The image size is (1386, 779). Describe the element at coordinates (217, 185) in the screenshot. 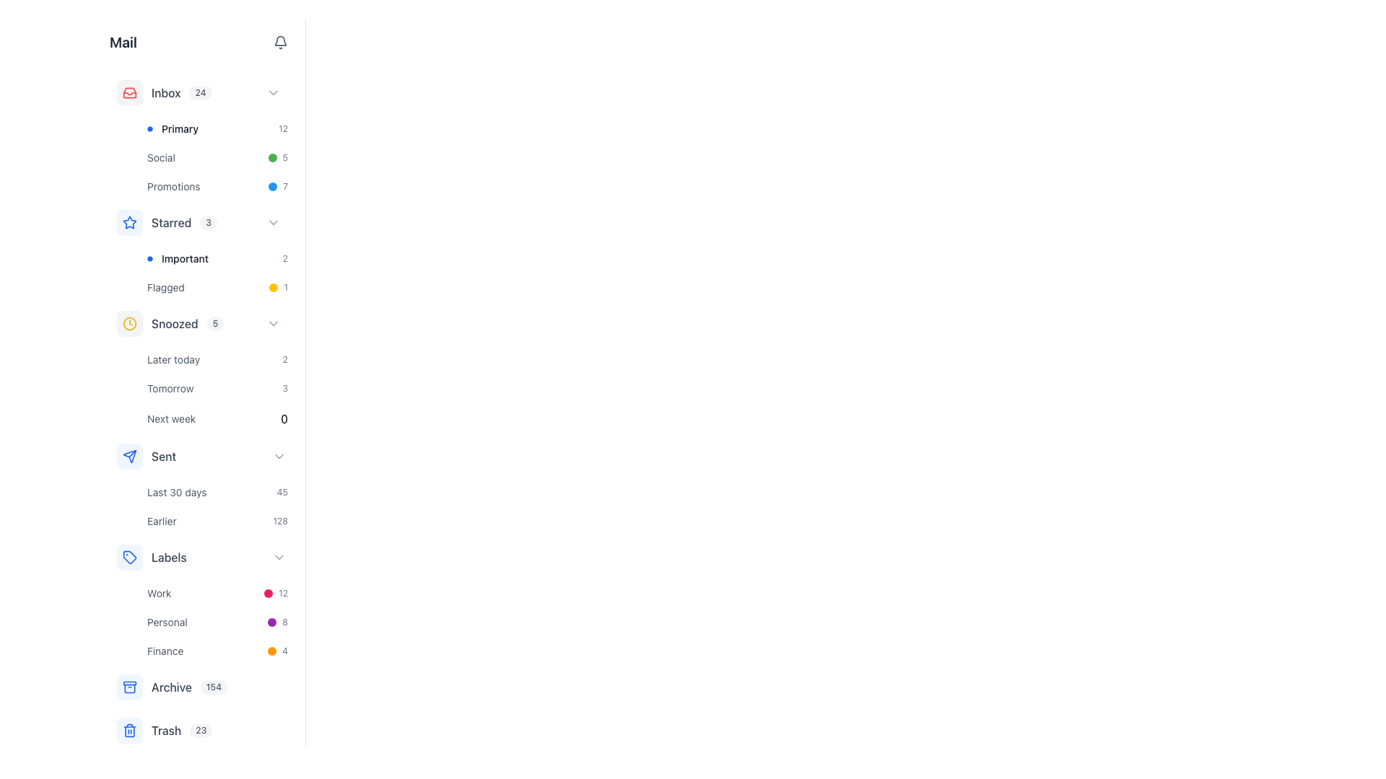

I see `the 'Promotions' button, the last item in the vertical group under the 'Inbox' section` at that location.